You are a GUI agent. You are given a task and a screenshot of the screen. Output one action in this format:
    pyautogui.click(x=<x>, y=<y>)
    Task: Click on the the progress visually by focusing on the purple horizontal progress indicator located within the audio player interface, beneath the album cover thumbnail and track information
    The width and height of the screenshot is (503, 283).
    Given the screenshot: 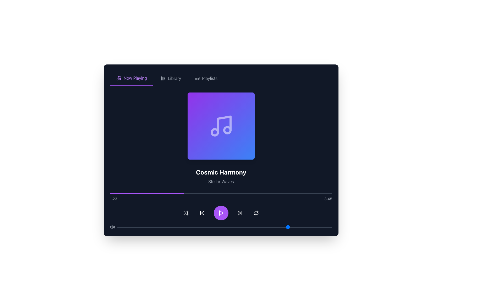 What is the action you would take?
    pyautogui.click(x=147, y=194)
    